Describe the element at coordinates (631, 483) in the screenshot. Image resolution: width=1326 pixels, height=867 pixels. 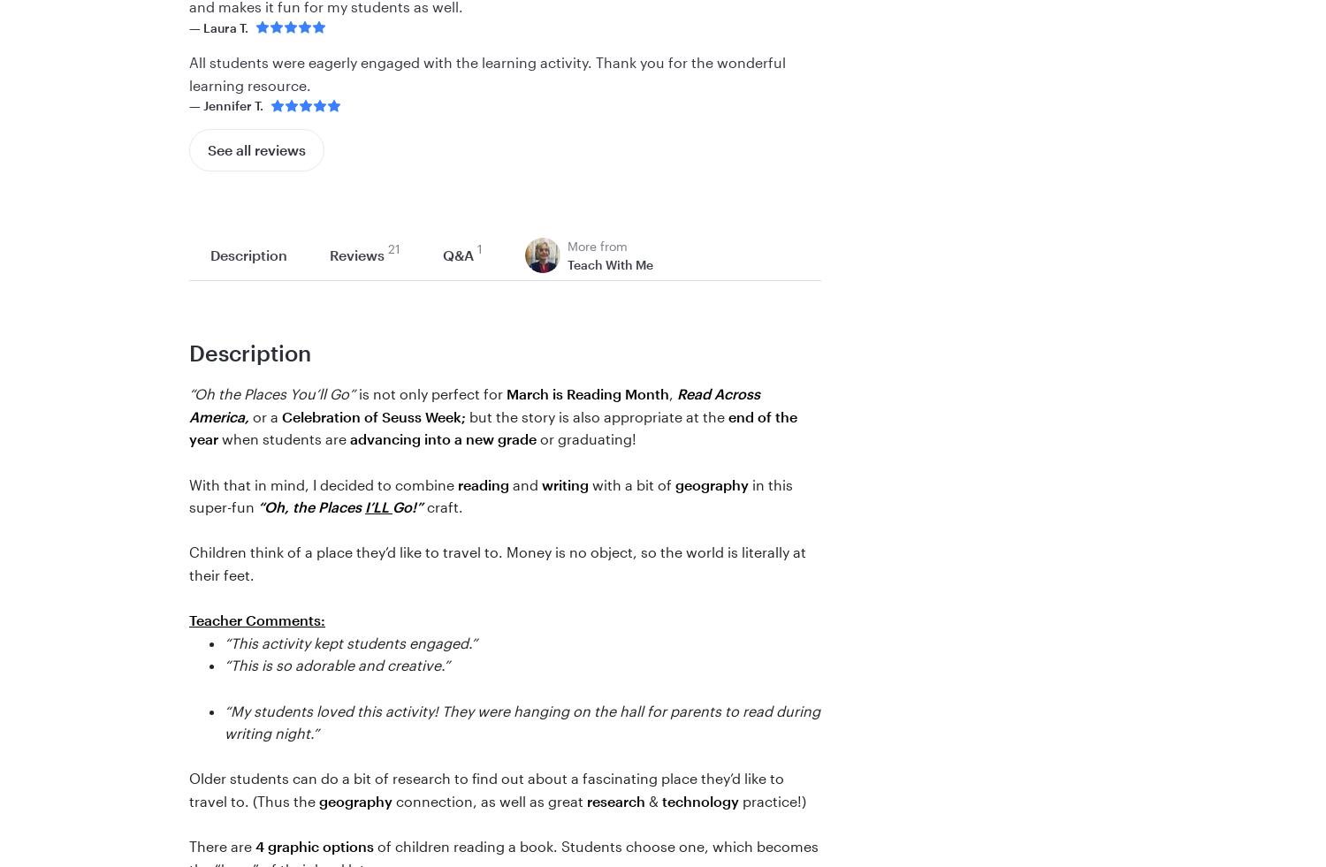
I see `'with a bit of'` at that location.